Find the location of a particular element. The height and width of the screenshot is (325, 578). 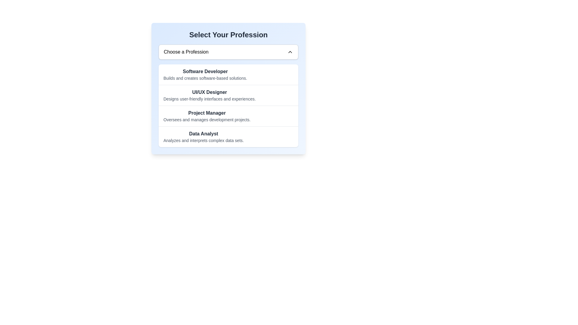

the Static text label displaying 'Data Analyst', which is located in the fourth row under 'Select Your Profession' and above the text 'Analyzes and interprets complex data sets' is located at coordinates (204, 133).